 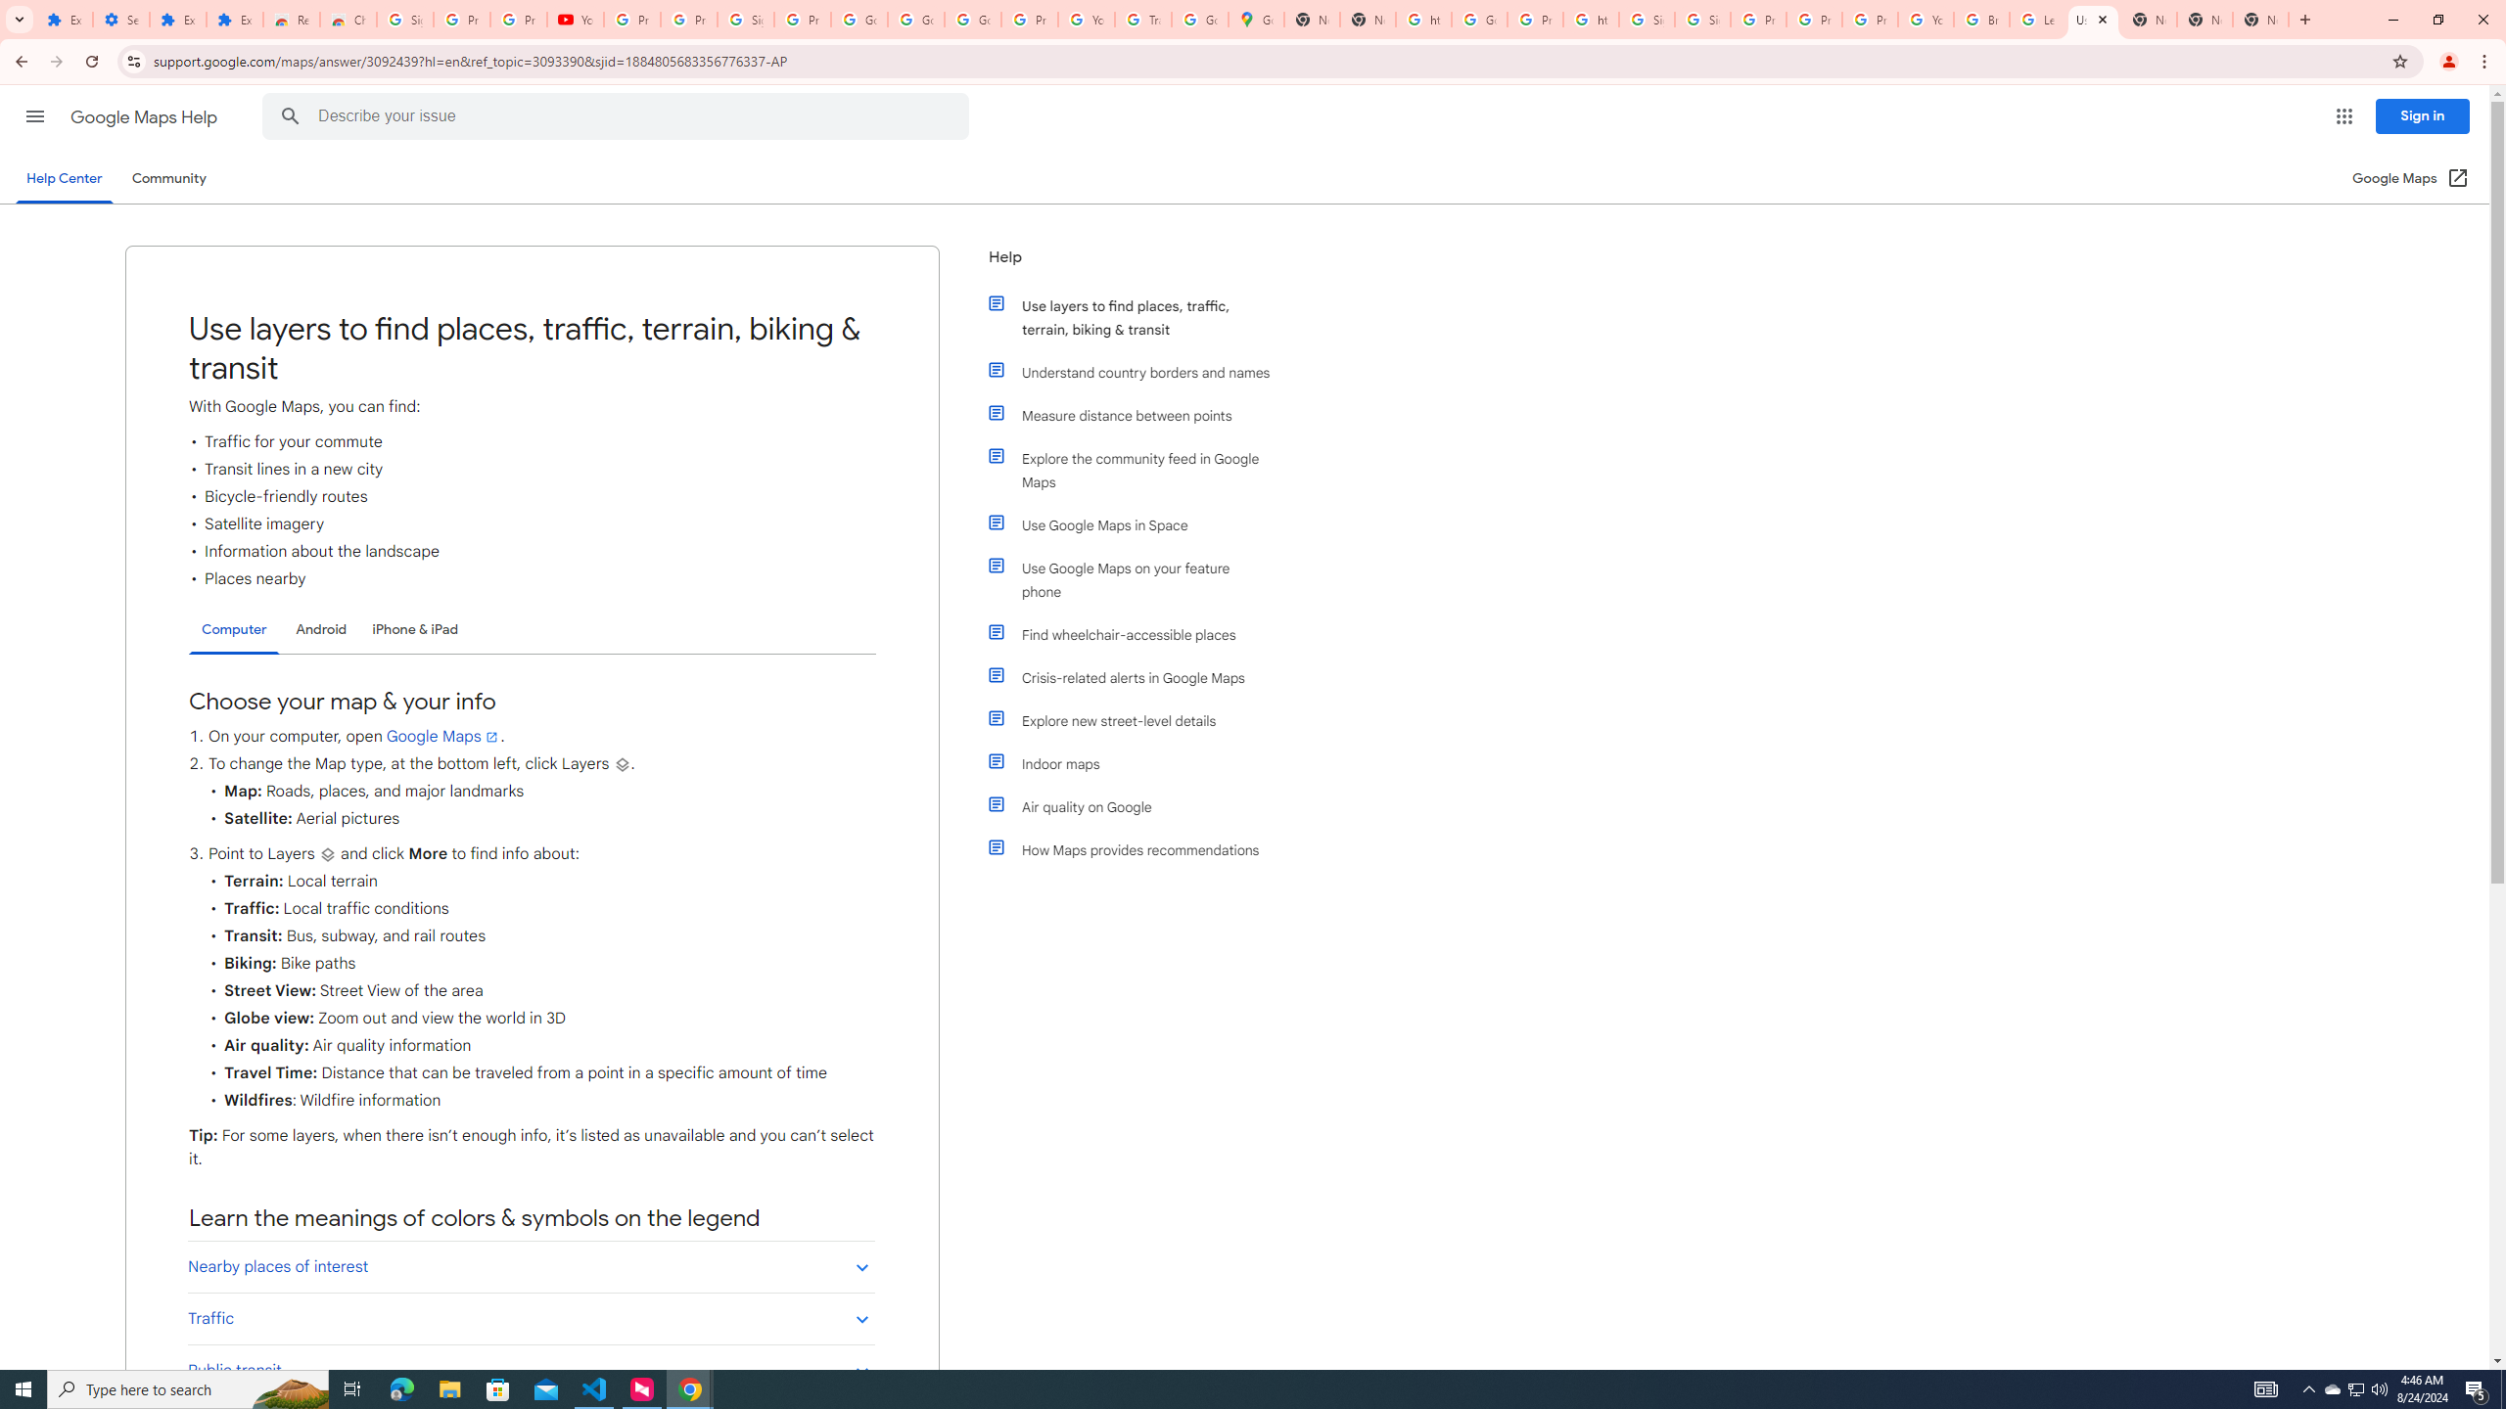 I want to click on 'Reviews: Helix Fruit Jump Arcade Game', so click(x=291, y=19).